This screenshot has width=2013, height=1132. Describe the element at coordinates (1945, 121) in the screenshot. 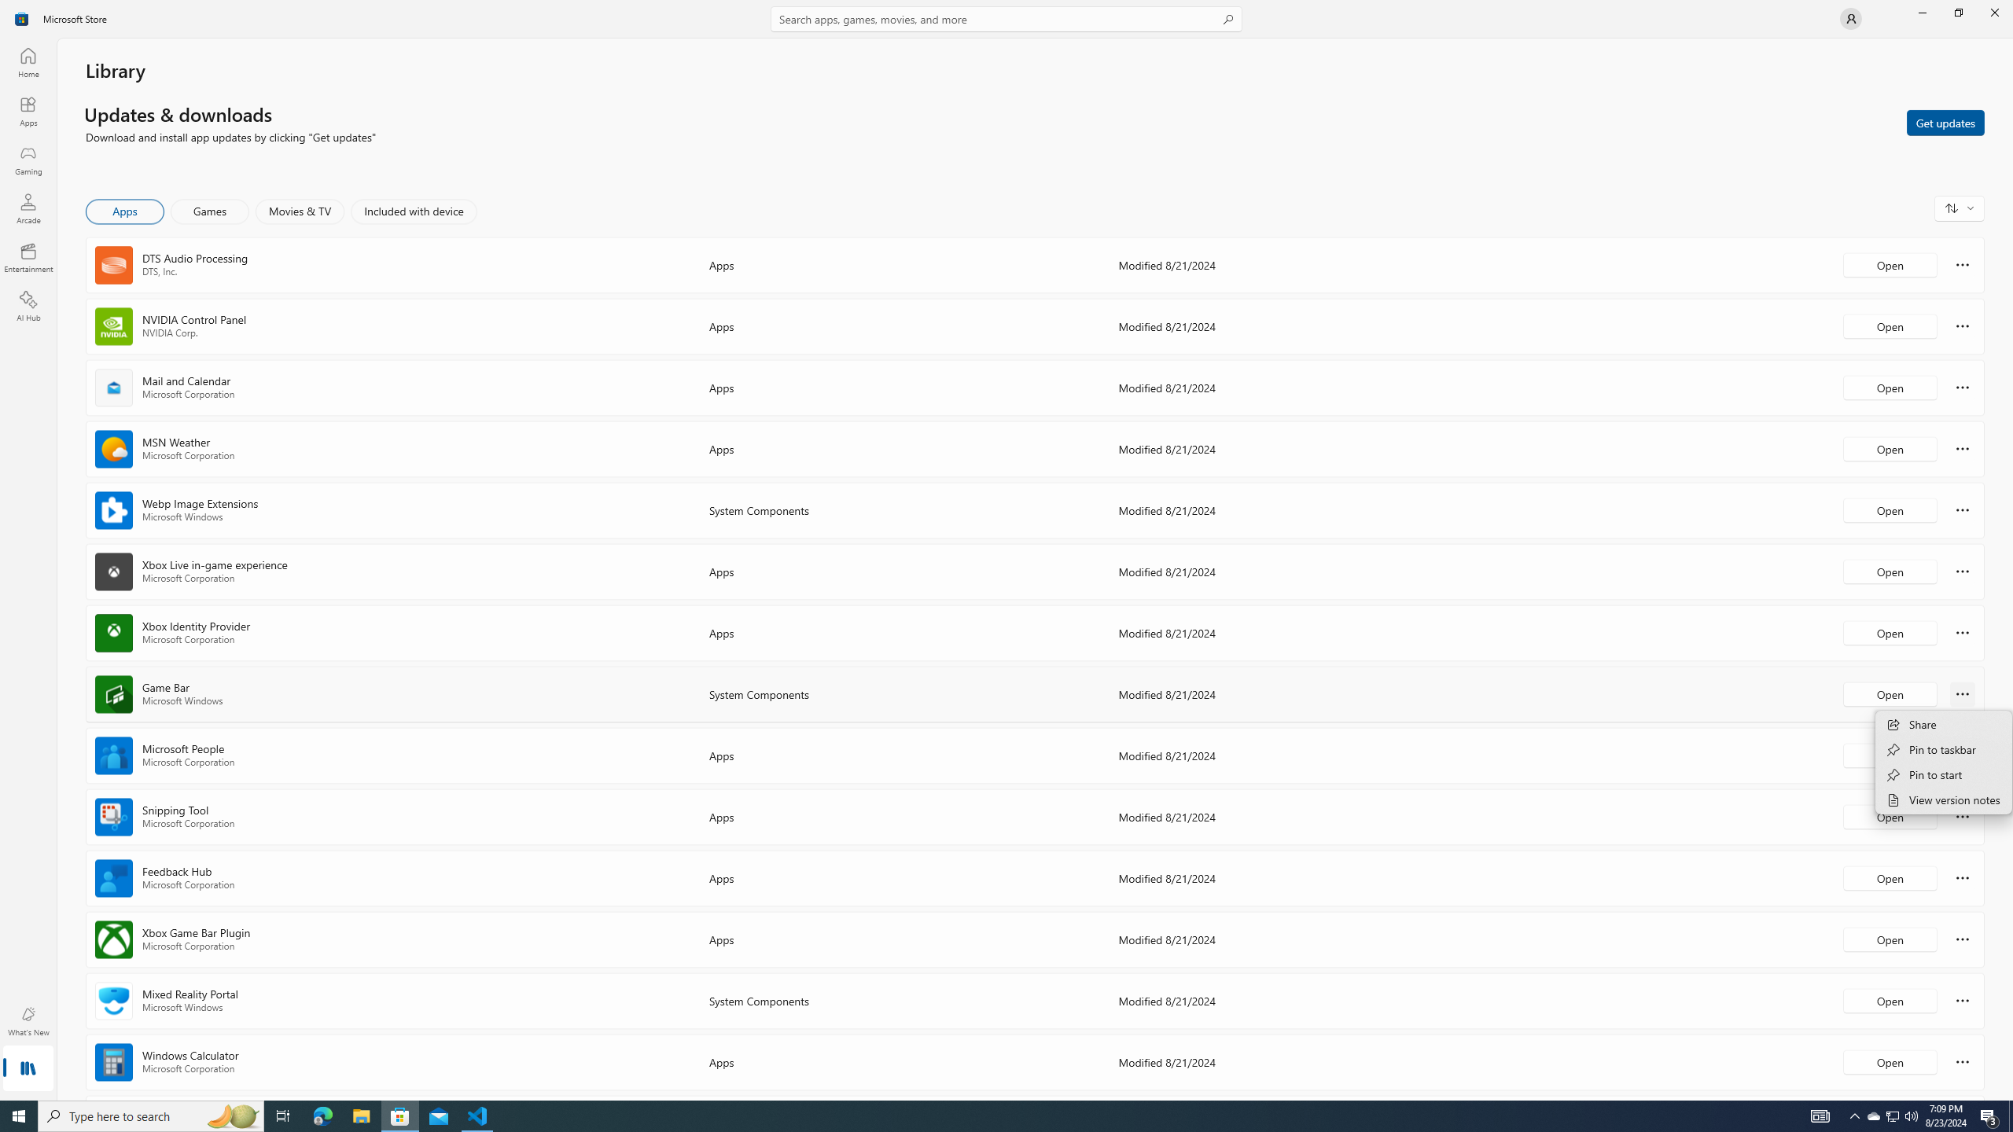

I see `'Get updates'` at that location.